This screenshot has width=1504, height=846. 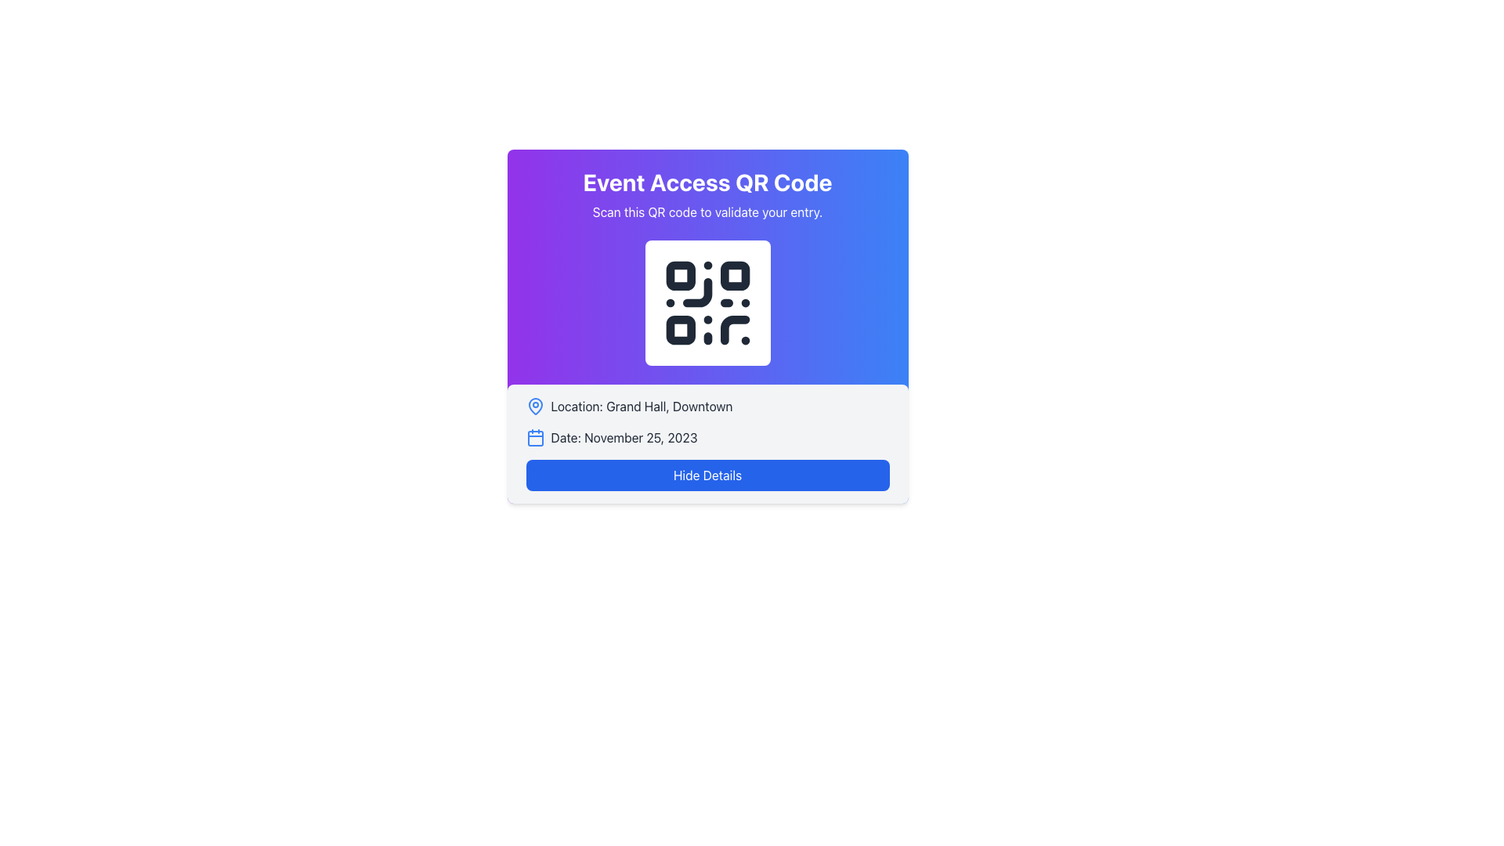 I want to click on the button located at the bottom of the gray information panel to hide additional details, so click(x=707, y=474).